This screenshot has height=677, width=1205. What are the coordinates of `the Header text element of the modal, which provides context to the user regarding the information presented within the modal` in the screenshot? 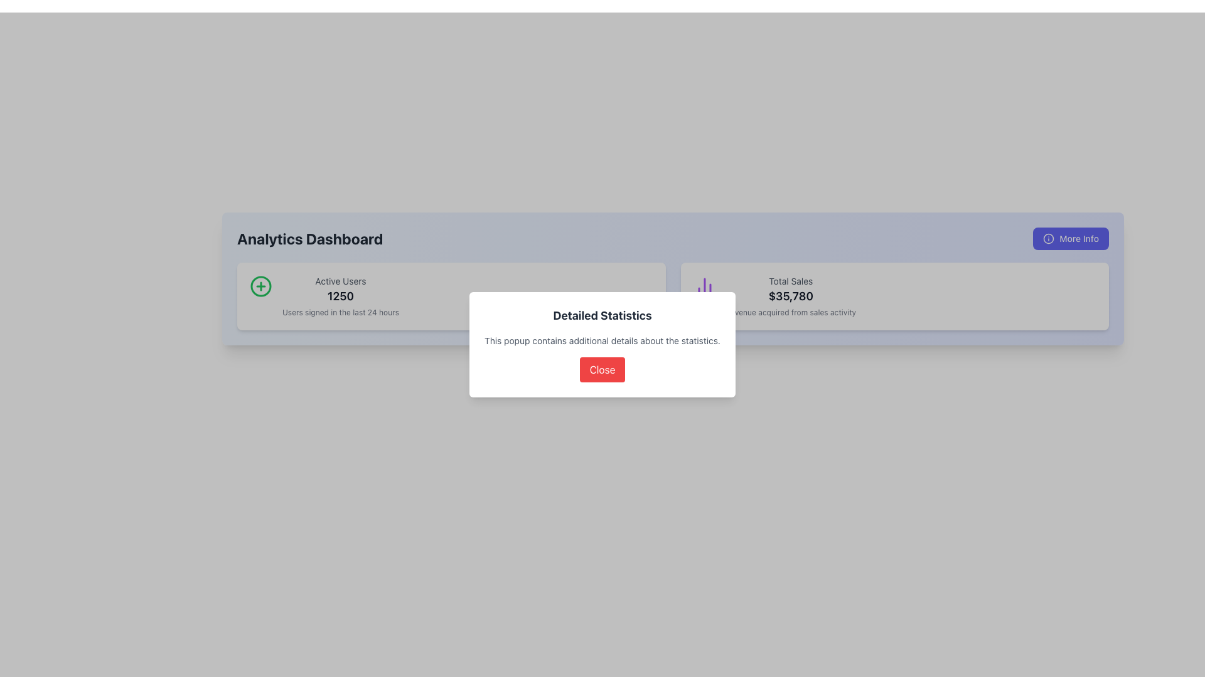 It's located at (602, 315).